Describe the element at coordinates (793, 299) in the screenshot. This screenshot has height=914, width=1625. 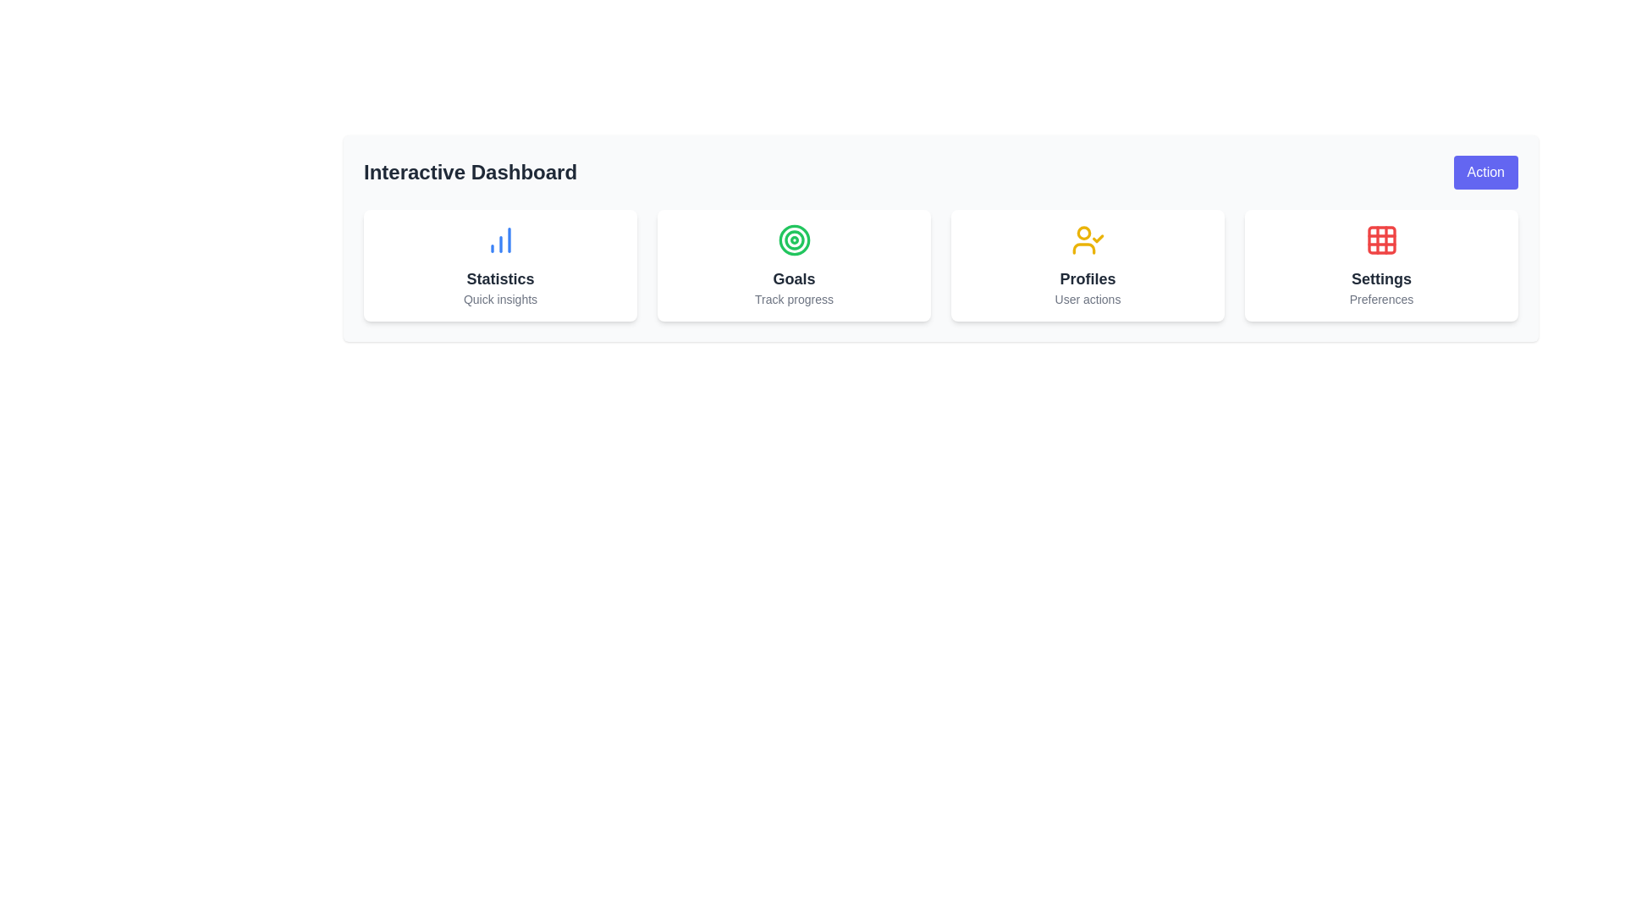
I see `the text label displaying 'Track progress', which is located below the 'Goals' label in the second card layout` at that location.